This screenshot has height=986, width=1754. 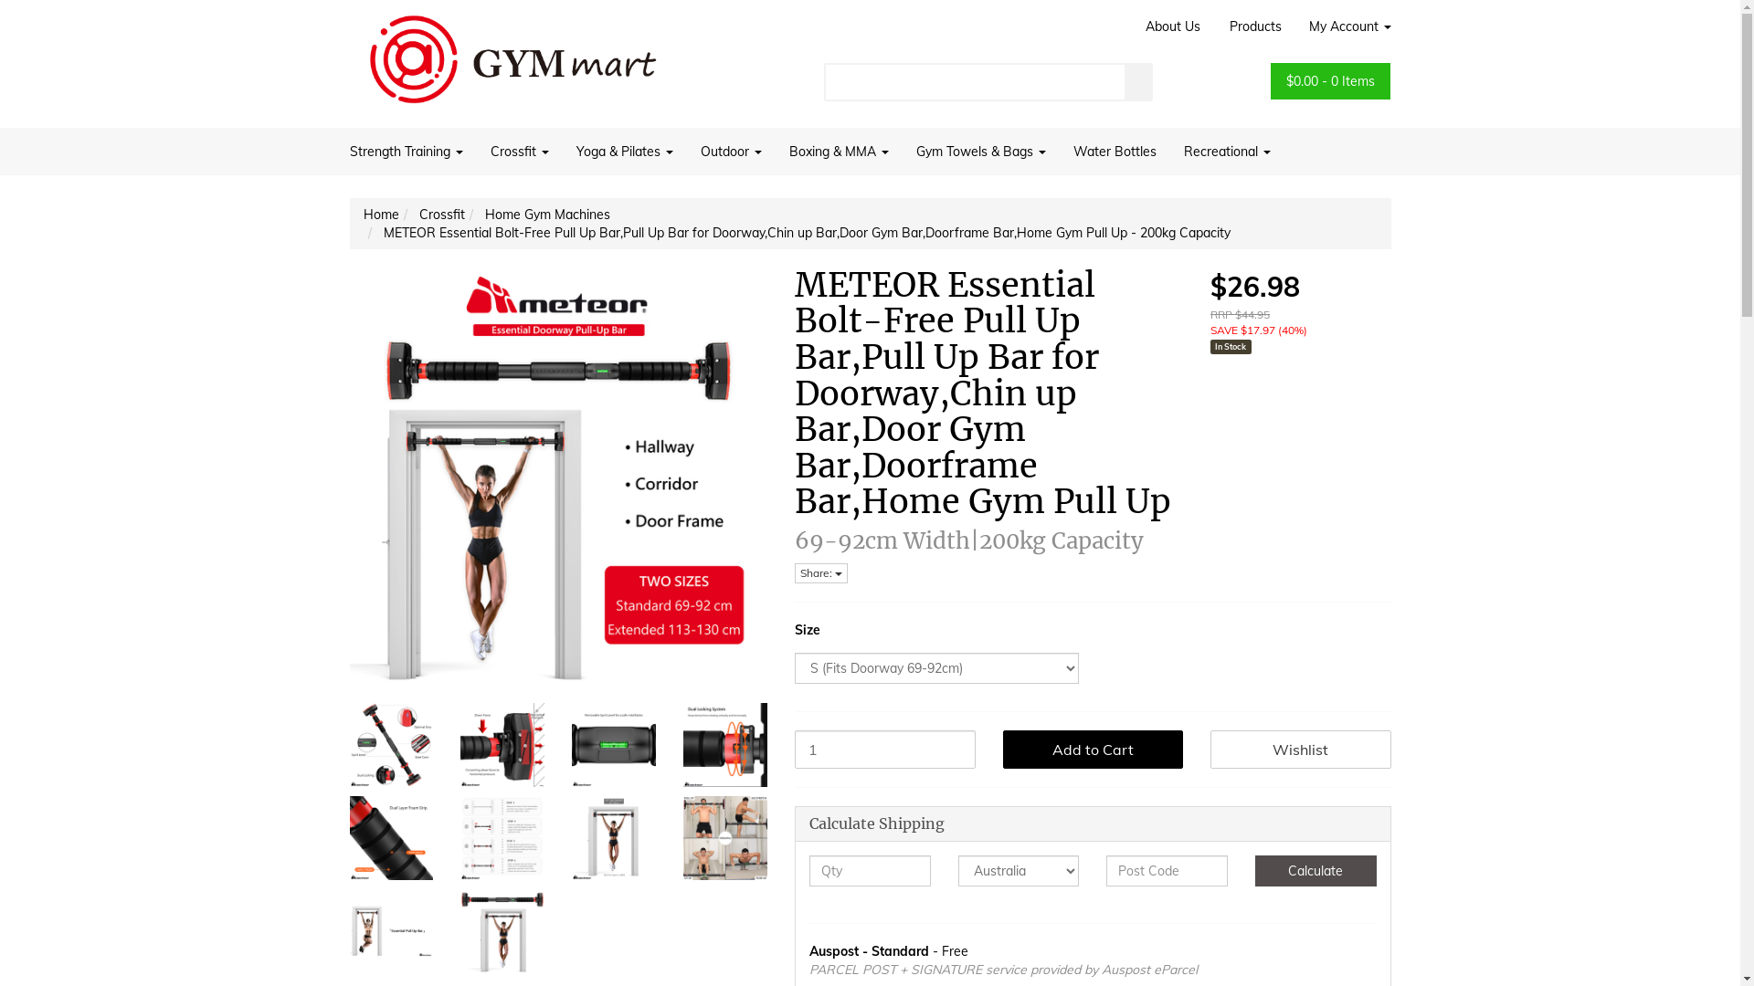 What do you see at coordinates (389, 838) in the screenshot?
I see `'Large View'` at bounding box center [389, 838].